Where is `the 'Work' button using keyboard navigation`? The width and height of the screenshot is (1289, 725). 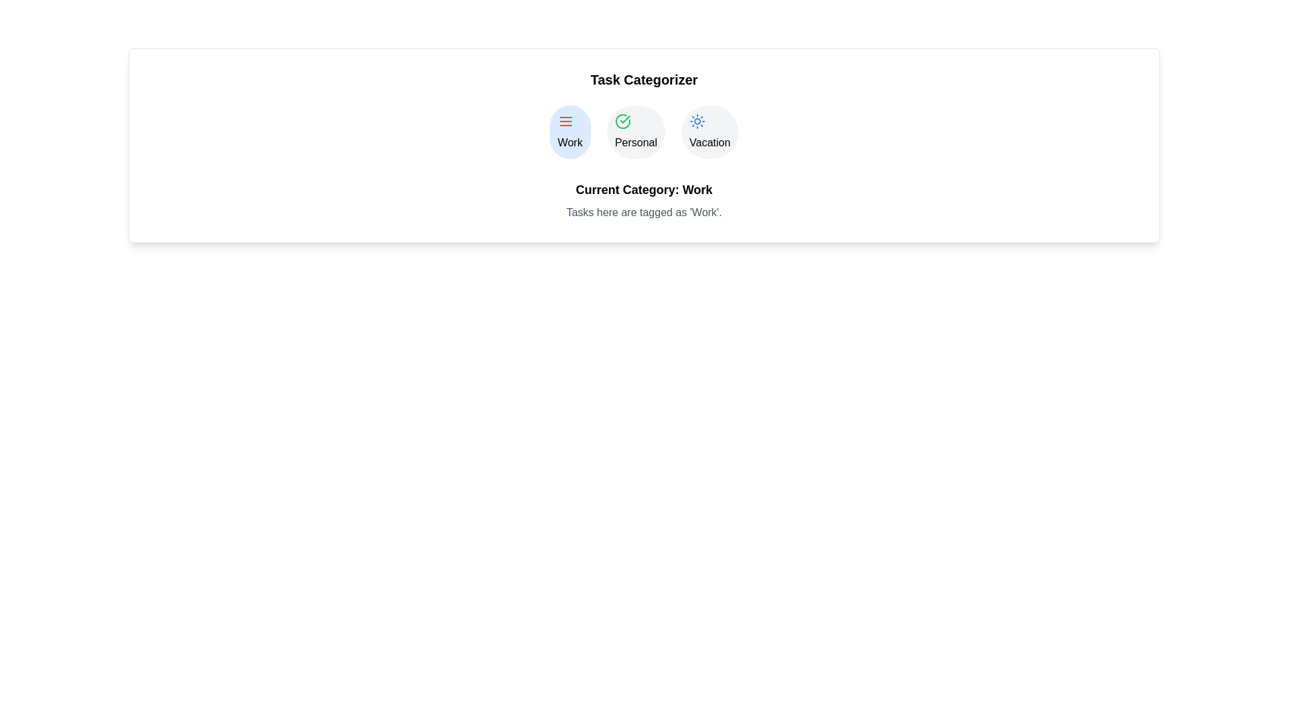 the 'Work' button using keyboard navigation is located at coordinates (570, 132).